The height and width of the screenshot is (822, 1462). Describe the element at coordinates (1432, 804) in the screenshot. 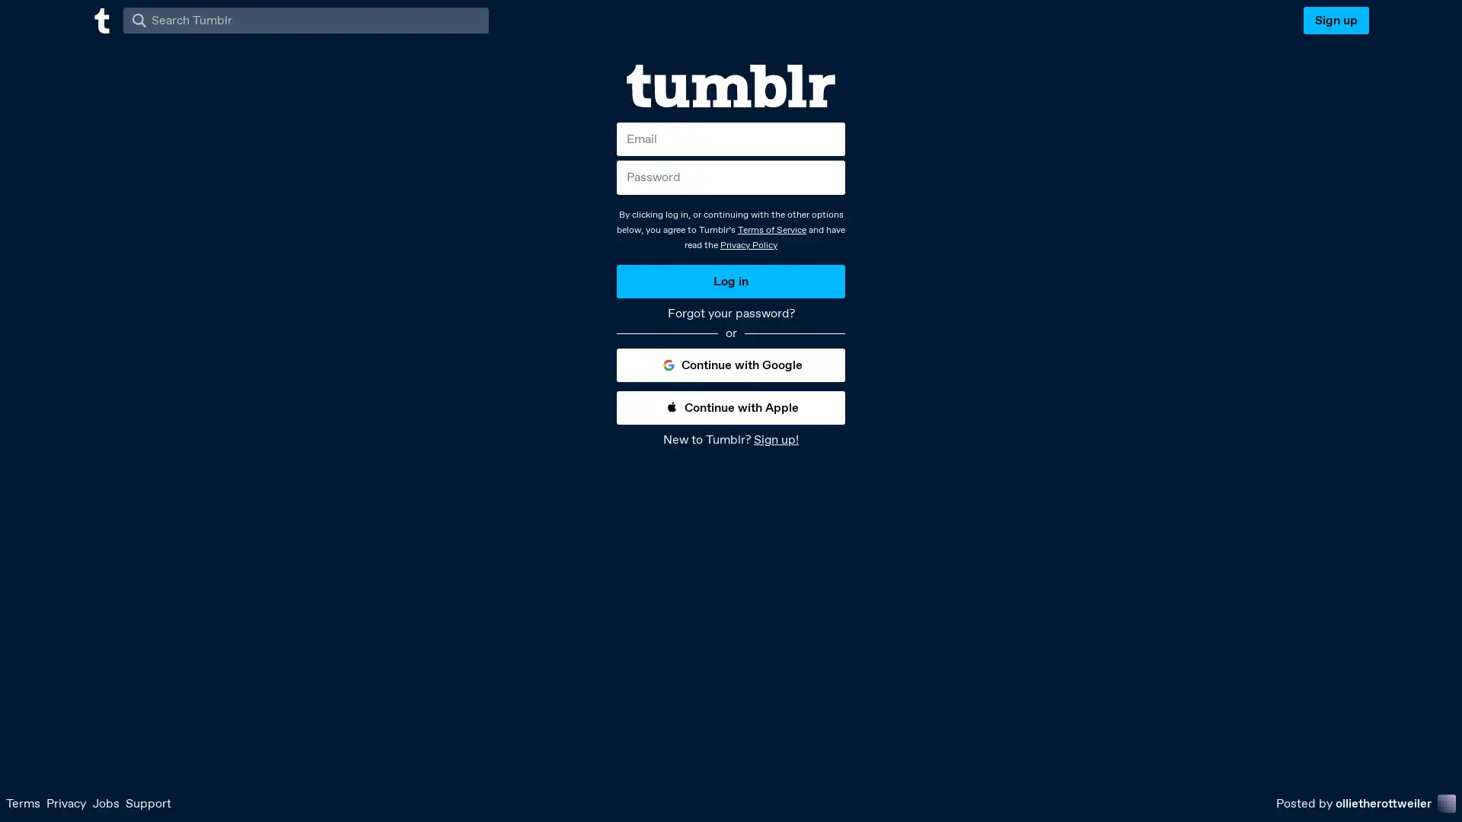

I see `Scroll to top` at that location.